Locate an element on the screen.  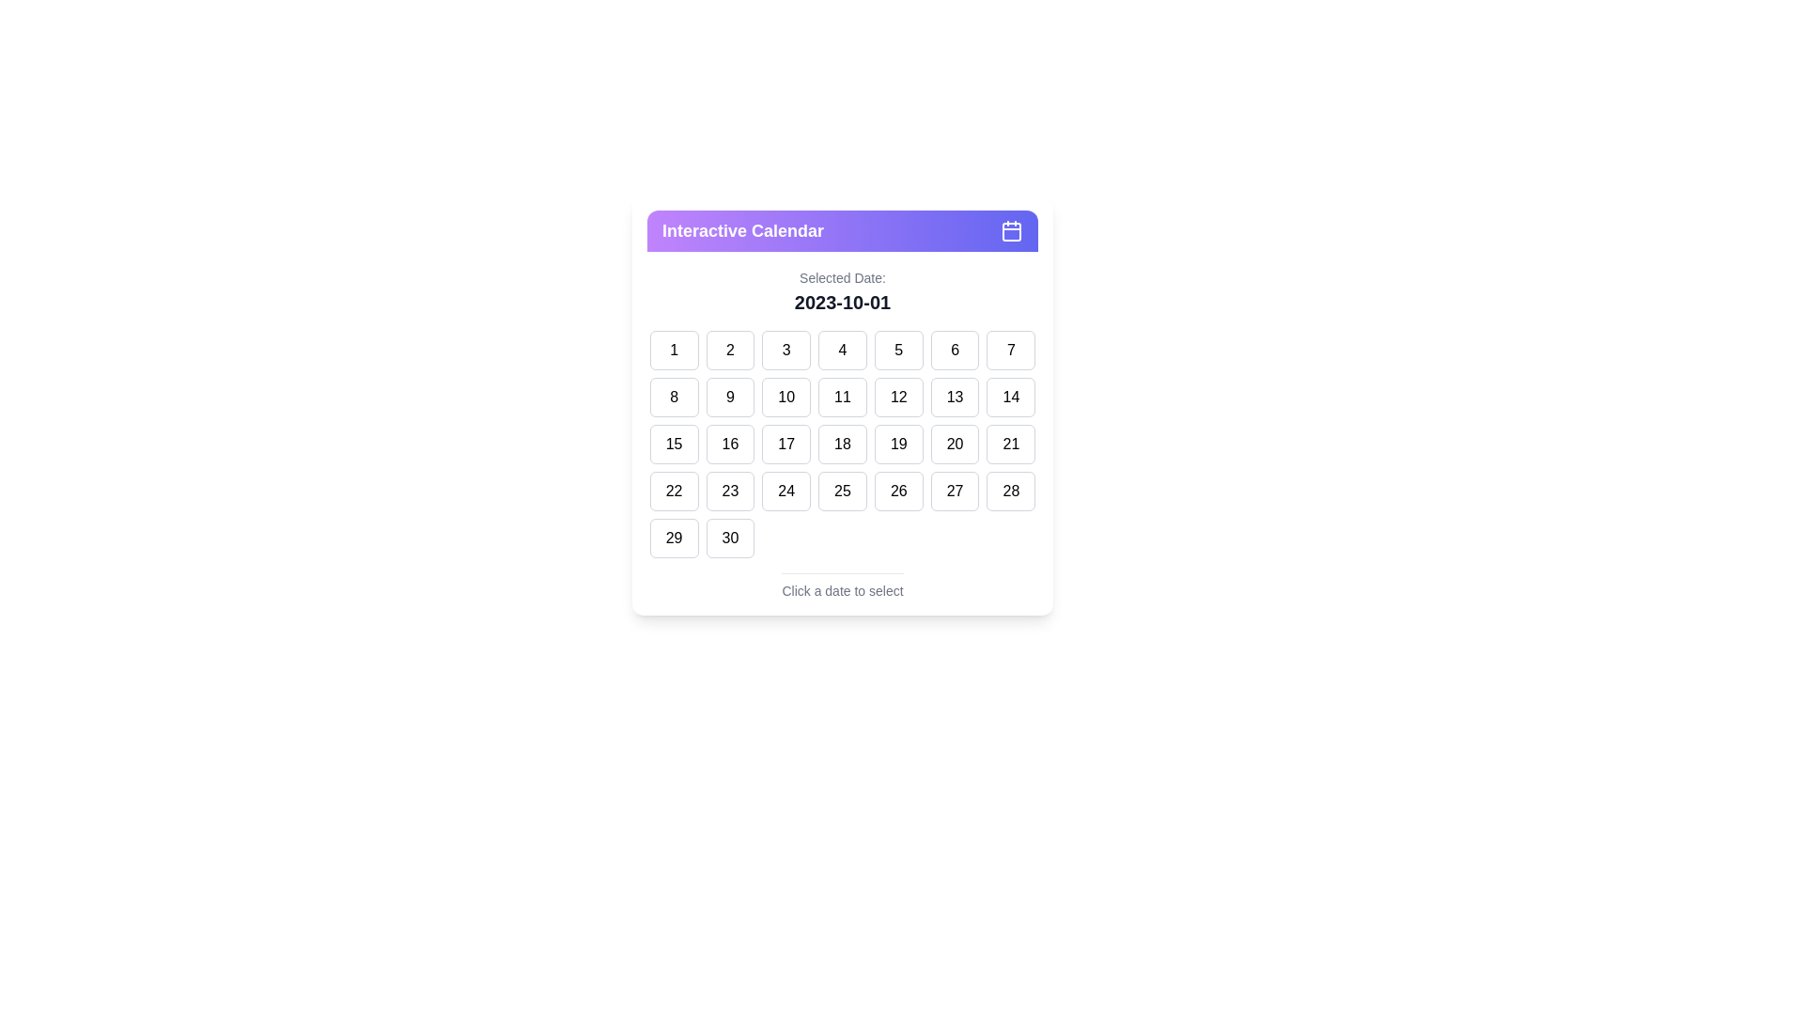
the selectable date button located in the sixth column and fourth row of the calendar grid to set the selected date to '22' is located at coordinates (674, 491).